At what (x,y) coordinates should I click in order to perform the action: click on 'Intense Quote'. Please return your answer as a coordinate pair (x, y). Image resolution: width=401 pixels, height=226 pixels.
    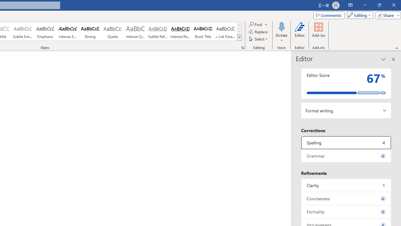
    Looking at the image, I should click on (135, 31).